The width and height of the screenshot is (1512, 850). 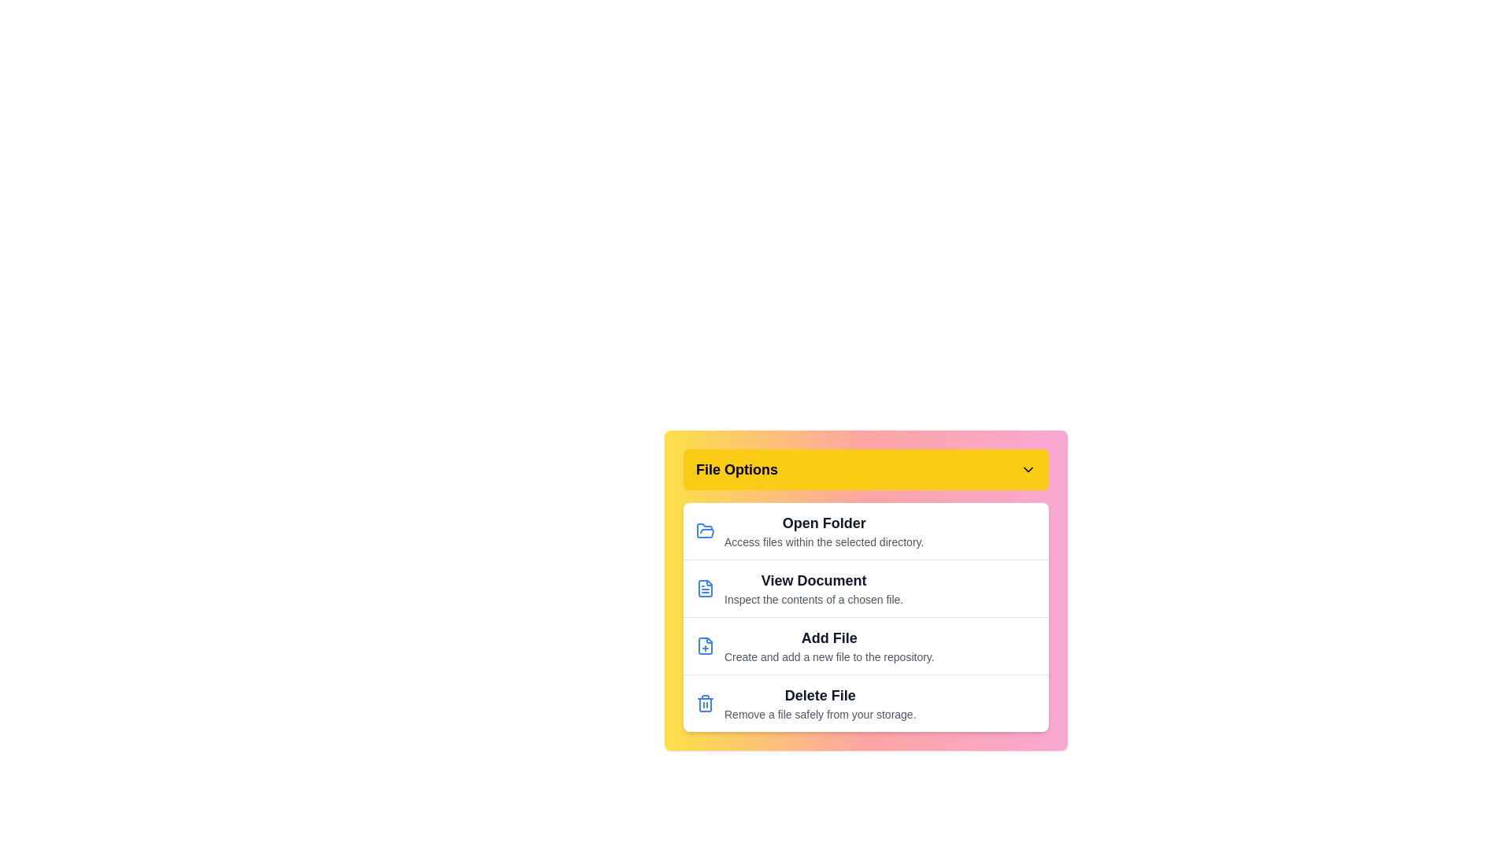 What do you see at coordinates (828, 656) in the screenshot?
I see `the explanatory text label that provides additional information about the 'Add File' action, positioned below the 'Add File' label in the 'File Options' section` at bounding box center [828, 656].